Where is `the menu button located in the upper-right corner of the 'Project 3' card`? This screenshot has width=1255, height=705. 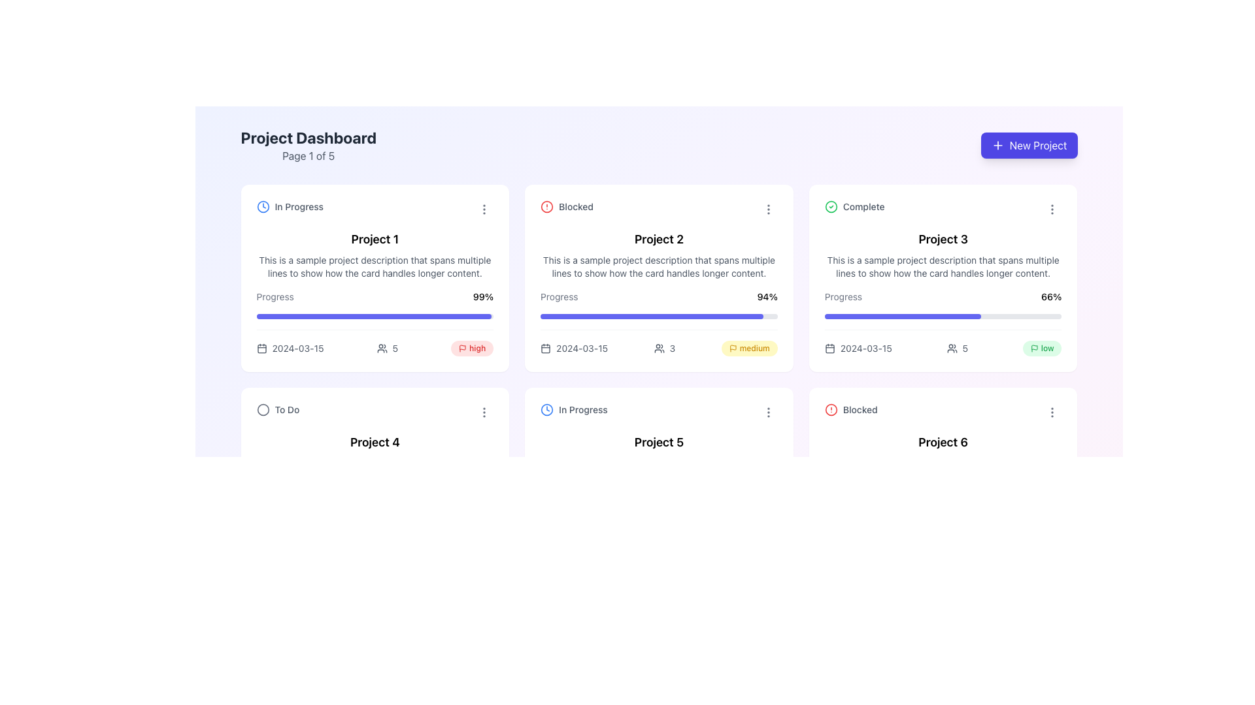
the menu button located in the upper-right corner of the 'Project 3' card is located at coordinates (1052, 208).